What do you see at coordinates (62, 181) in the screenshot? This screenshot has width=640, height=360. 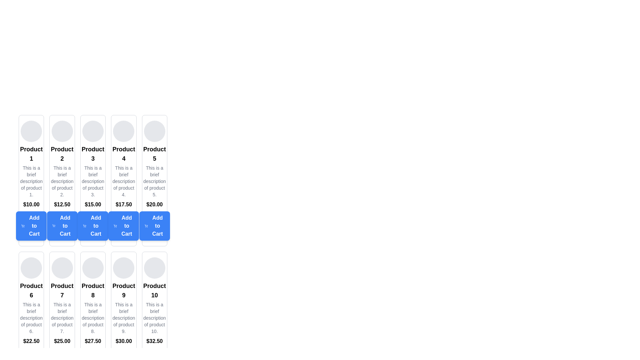 I see `description and price details from the 'Product 2' card component, which is the second card in the first row of the grid` at bounding box center [62, 181].